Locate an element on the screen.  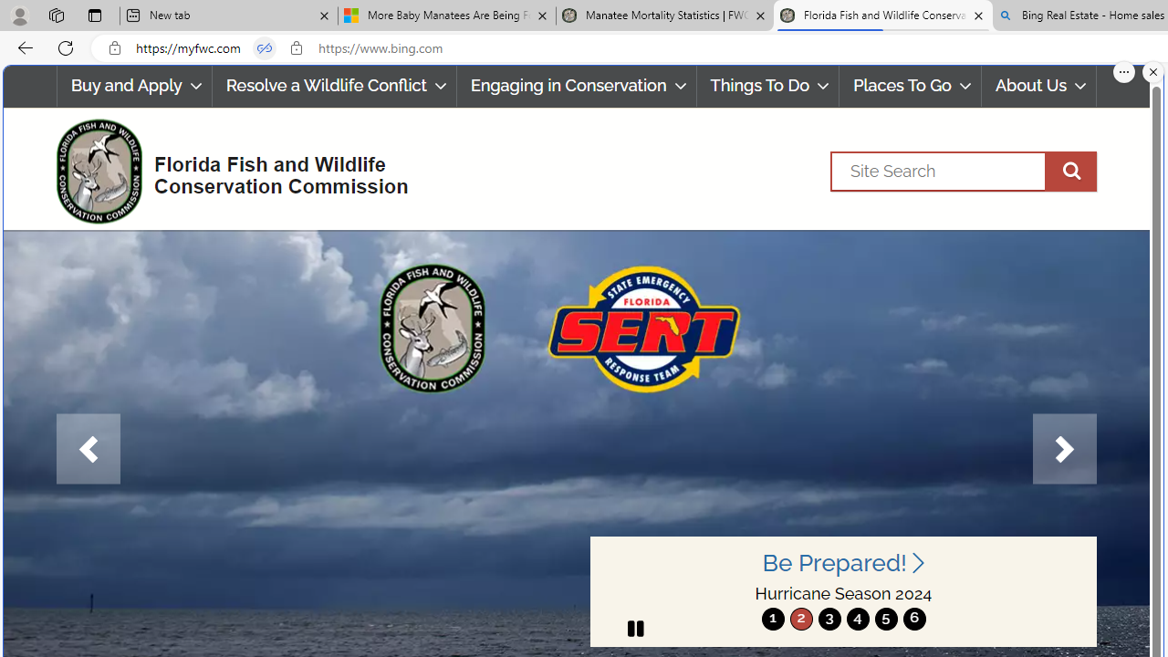
'View site information' is located at coordinates (297, 47).